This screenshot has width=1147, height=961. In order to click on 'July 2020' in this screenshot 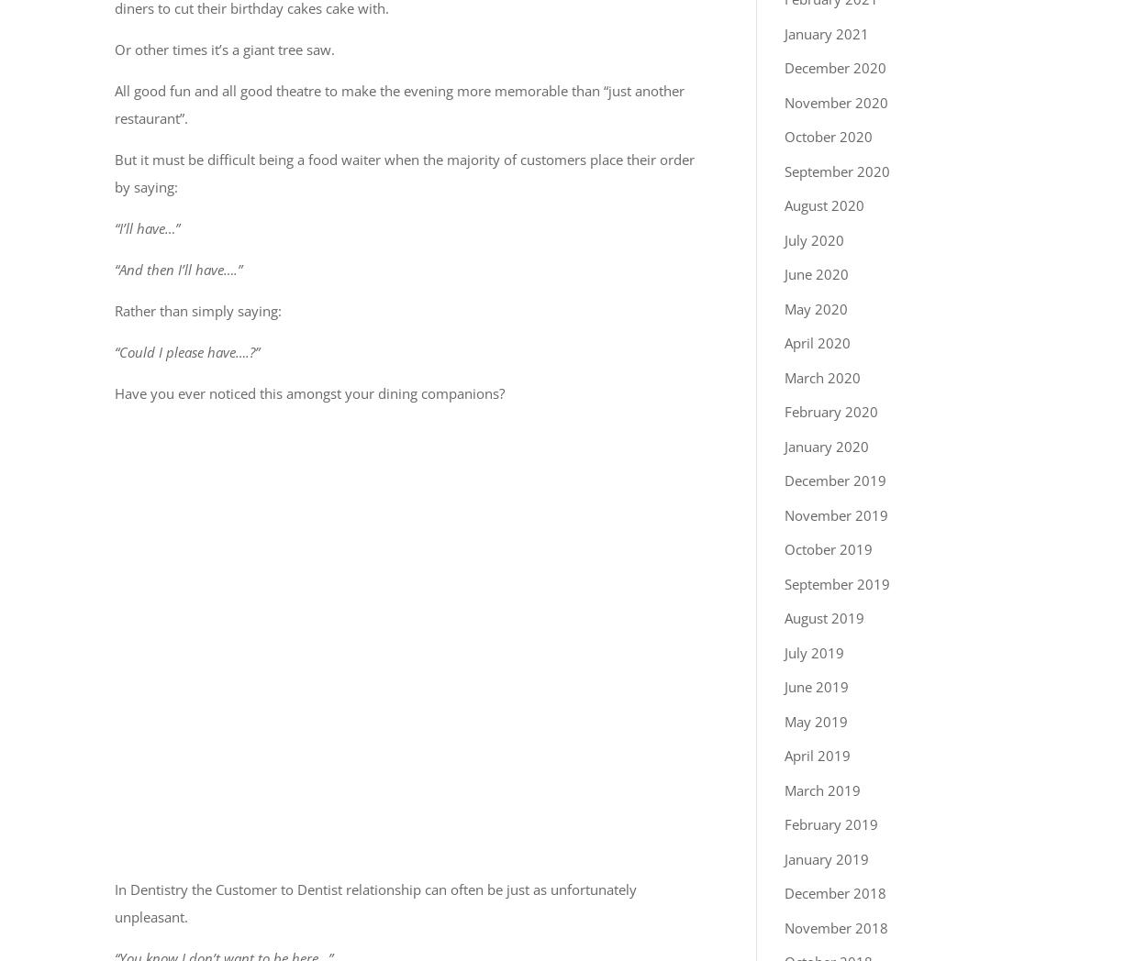, I will do `click(784, 238)`.